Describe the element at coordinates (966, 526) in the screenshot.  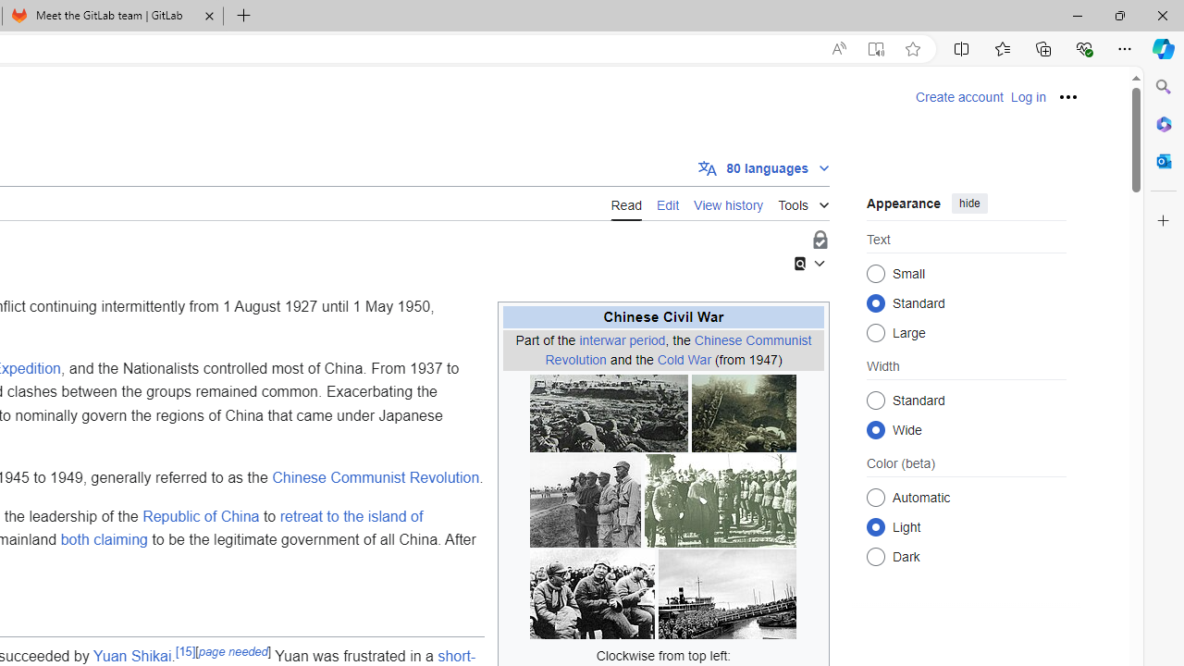
I see `'Class: mw-list-item mw-list-item-js'` at that location.